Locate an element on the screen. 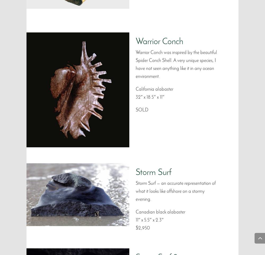  'California alabaster' is located at coordinates (154, 89).